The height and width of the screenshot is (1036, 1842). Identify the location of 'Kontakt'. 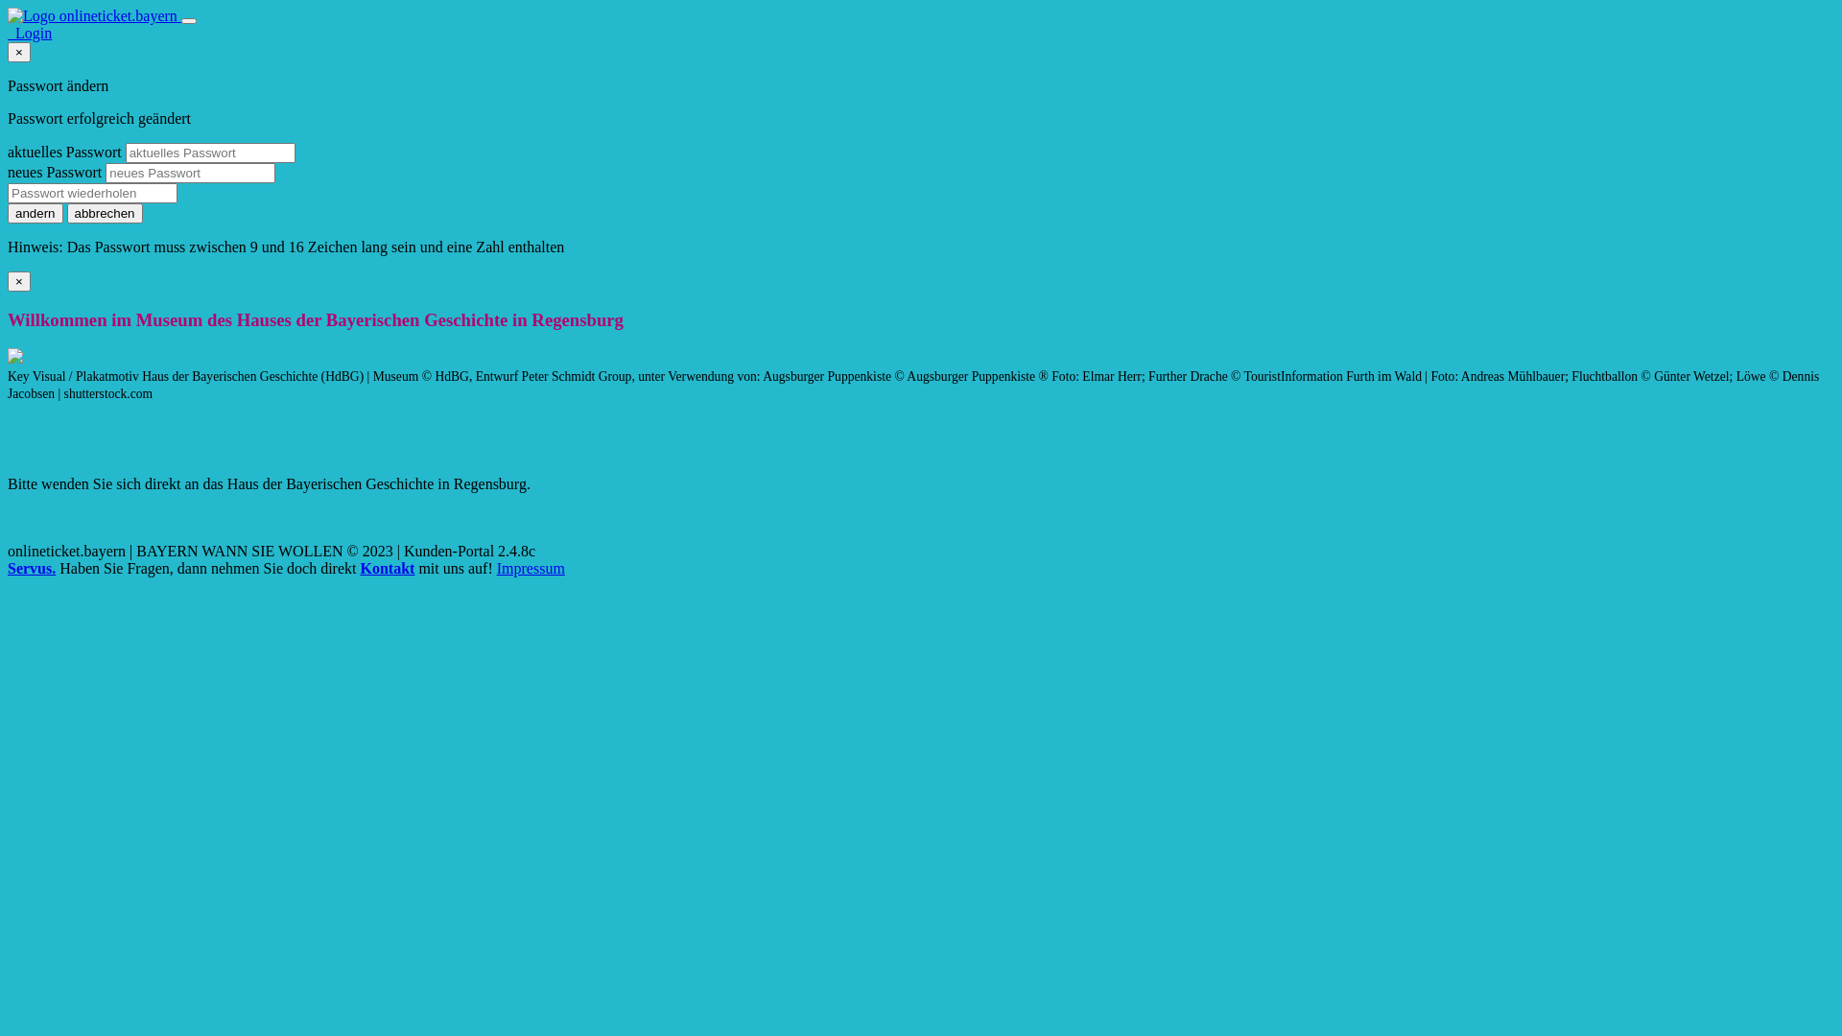
(359, 567).